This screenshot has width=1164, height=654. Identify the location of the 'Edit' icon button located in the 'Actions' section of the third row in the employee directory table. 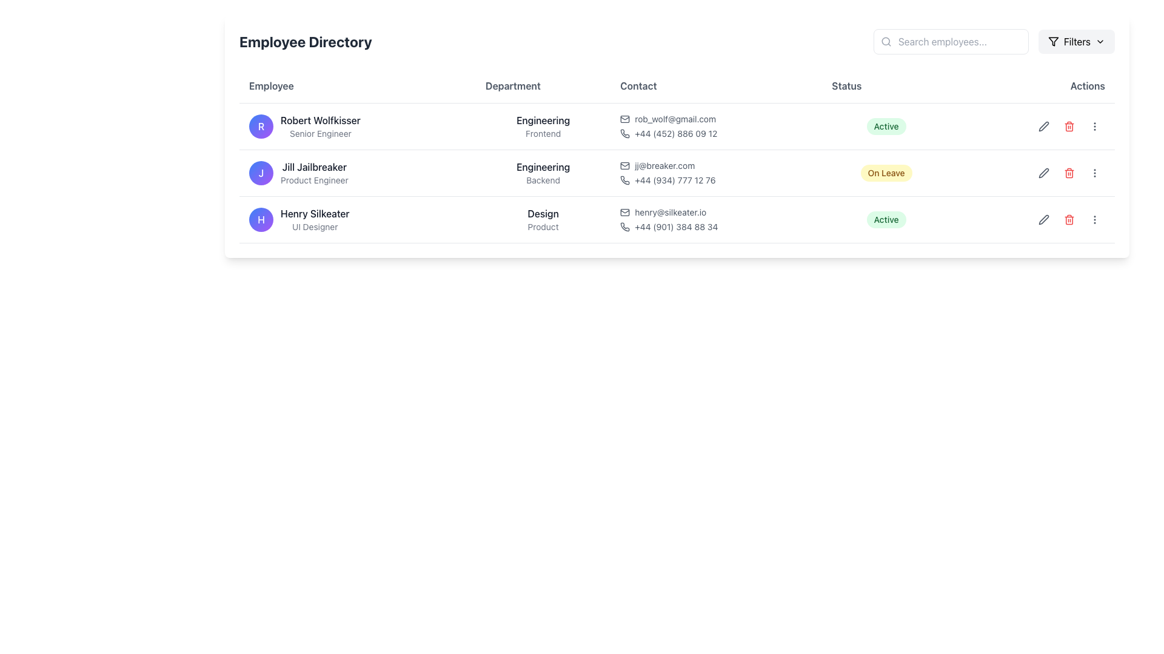
(1043, 126).